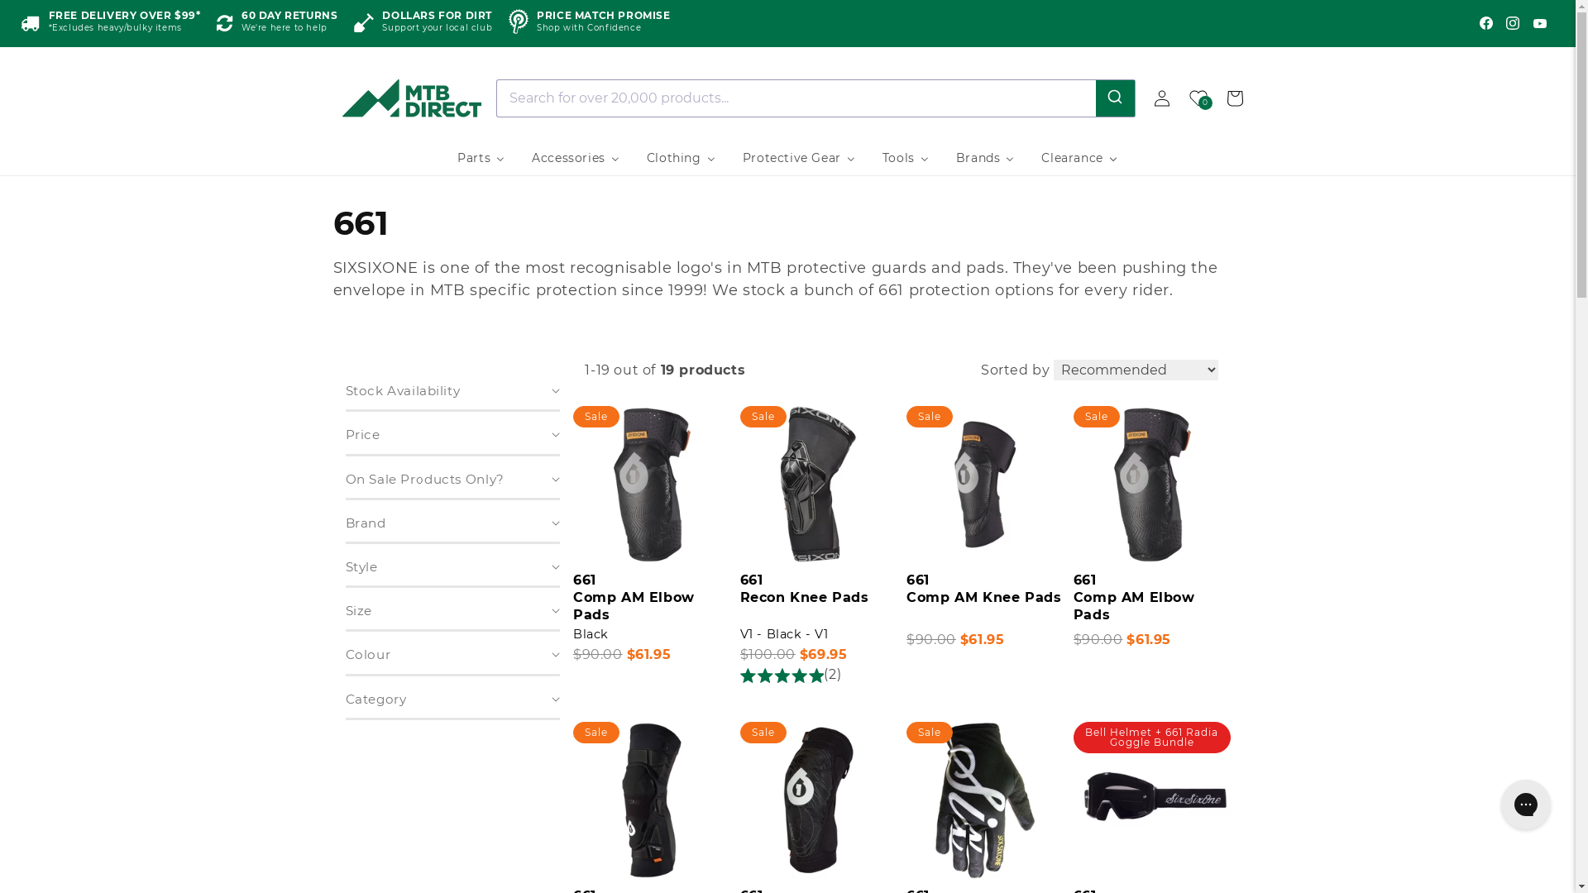 The height and width of the screenshot is (893, 1588). What do you see at coordinates (682, 158) in the screenshot?
I see `'Clothing'` at bounding box center [682, 158].